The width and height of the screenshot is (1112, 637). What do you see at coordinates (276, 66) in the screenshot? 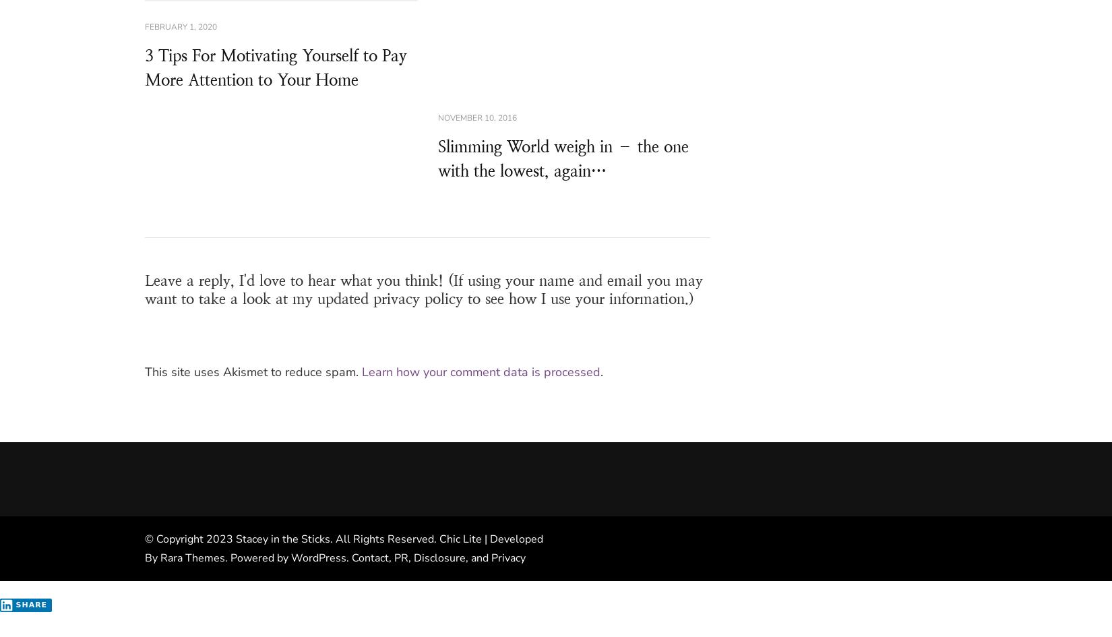
I see `'3 Tips For Motivating Yourself to Pay More Attention to Your Home'` at bounding box center [276, 66].